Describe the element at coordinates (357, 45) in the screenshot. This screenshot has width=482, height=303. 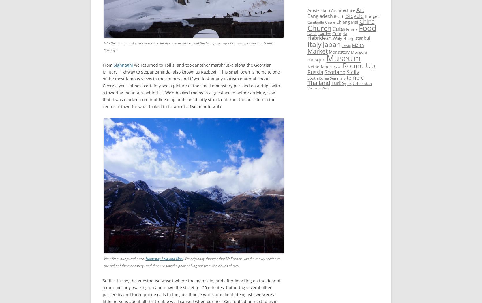
I see `'Malta'` at that location.